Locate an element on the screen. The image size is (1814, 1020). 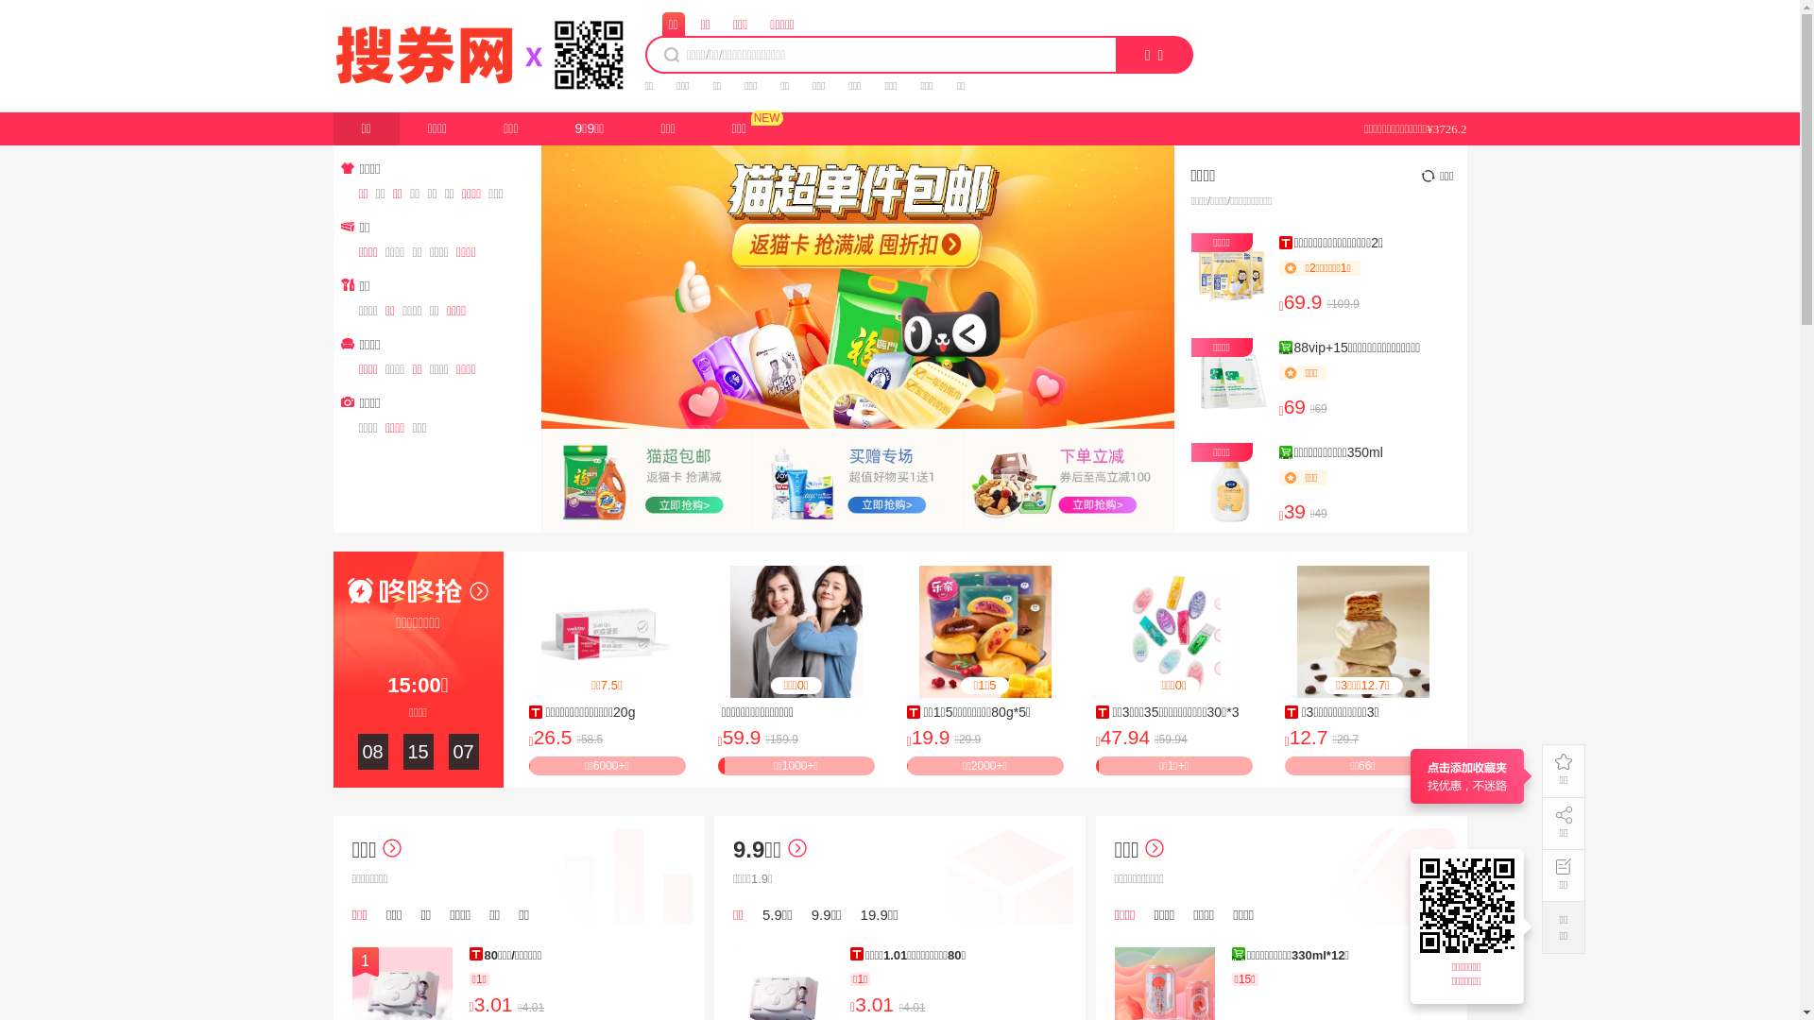
'https://17.souquan.wang' is located at coordinates (1468, 905).